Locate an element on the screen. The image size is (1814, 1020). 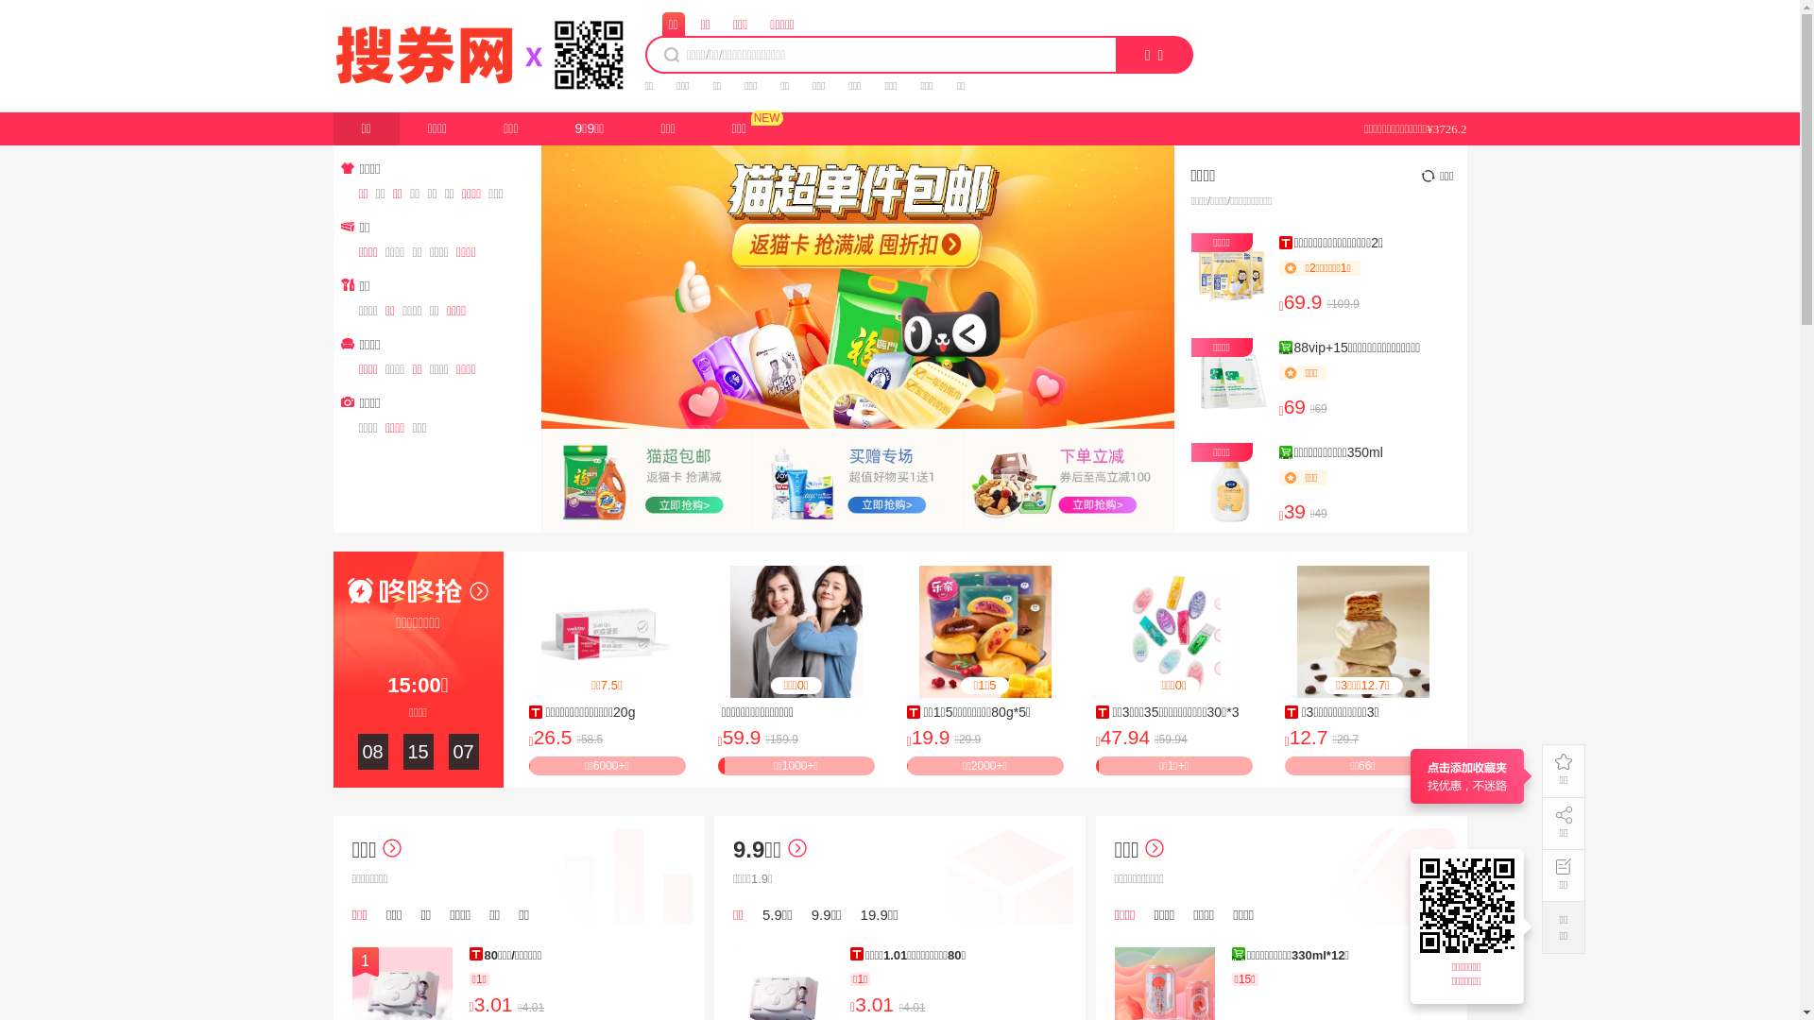
'https://17.souquan.wang' is located at coordinates (1468, 905).